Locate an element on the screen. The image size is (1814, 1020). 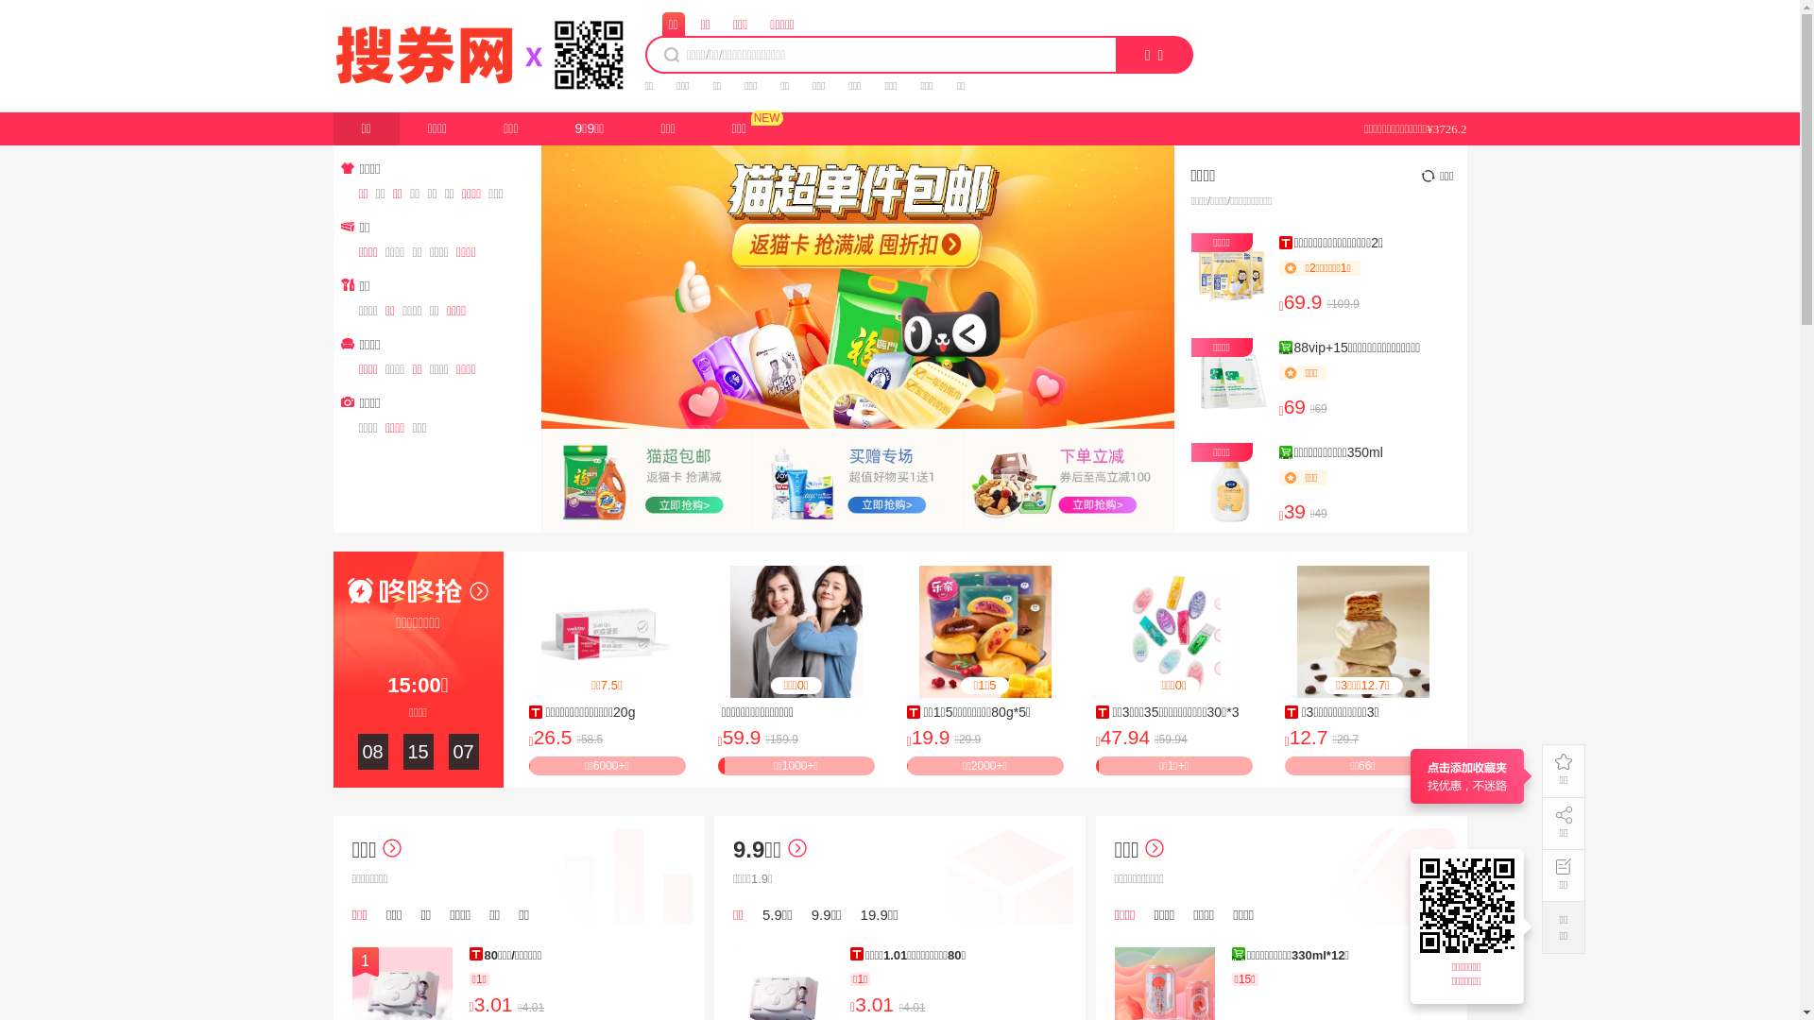
'https://17.souquan.wang' is located at coordinates (1468, 905).